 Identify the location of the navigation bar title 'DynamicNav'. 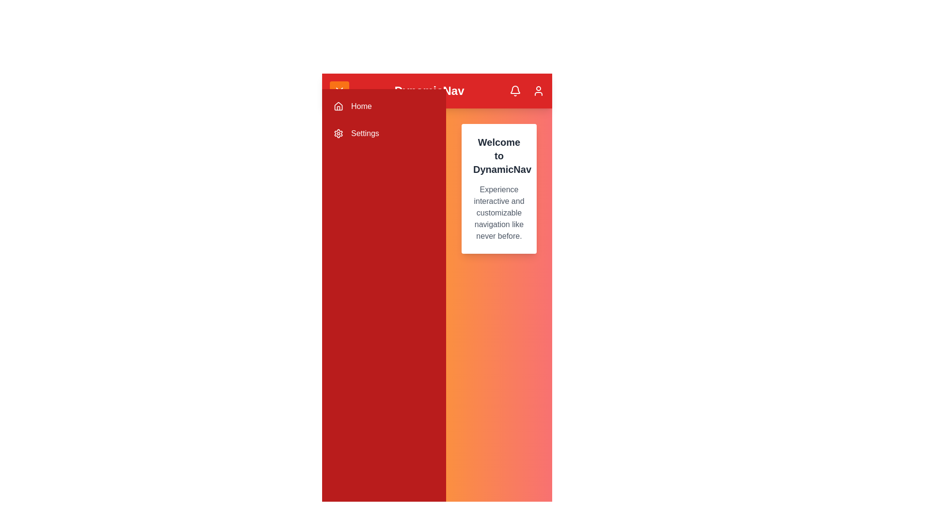
(429, 91).